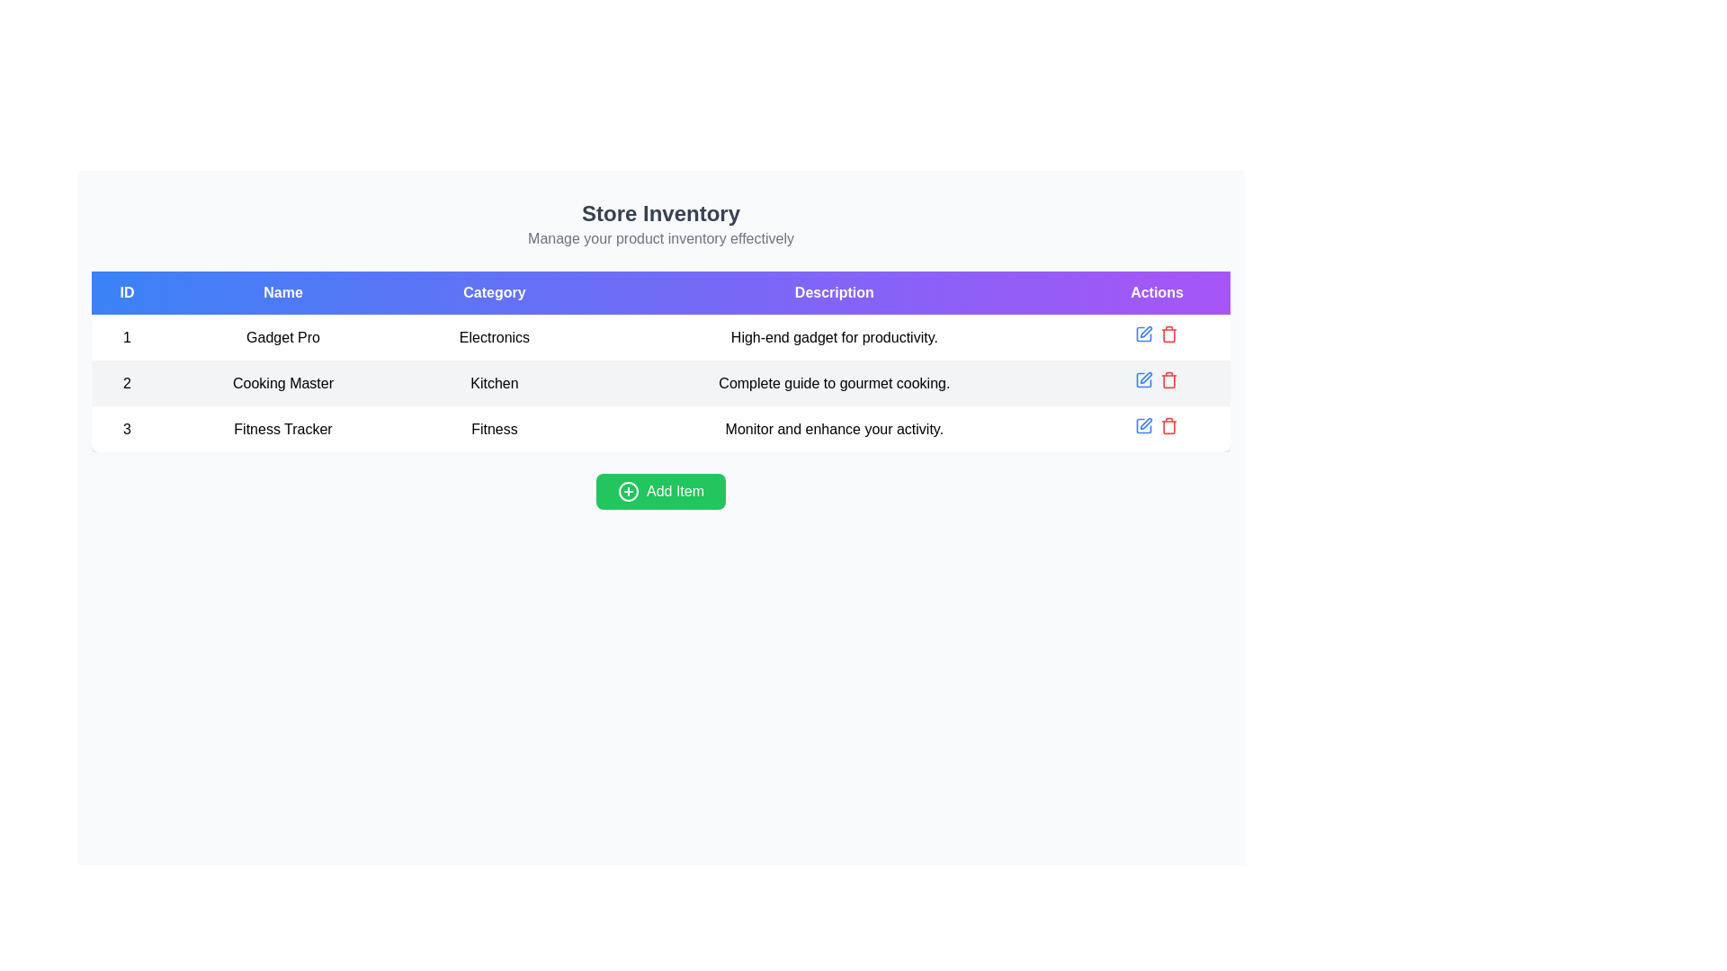 The image size is (1727, 971). I want to click on text element styled in bold, large gray font that reads 'Store Inventory', located at the top-center of the interface above the item listing table, so click(659, 213).